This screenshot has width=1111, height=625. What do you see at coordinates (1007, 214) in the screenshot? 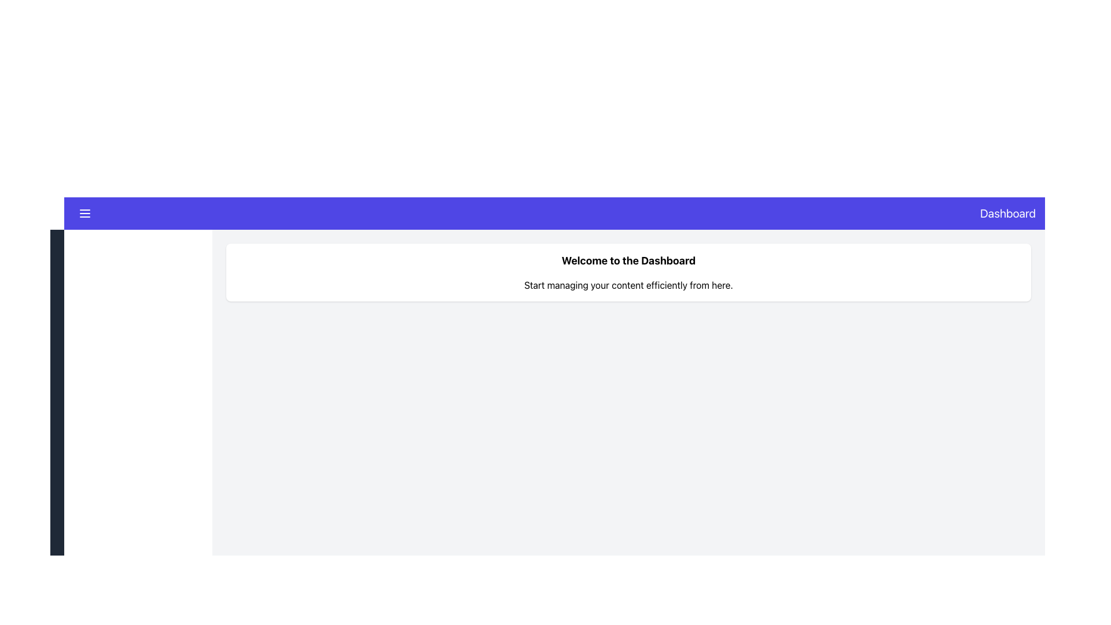
I see `text from the Text Label located at the top right corner of the blue header bar, which indicates the current active page or section of the application` at bounding box center [1007, 214].